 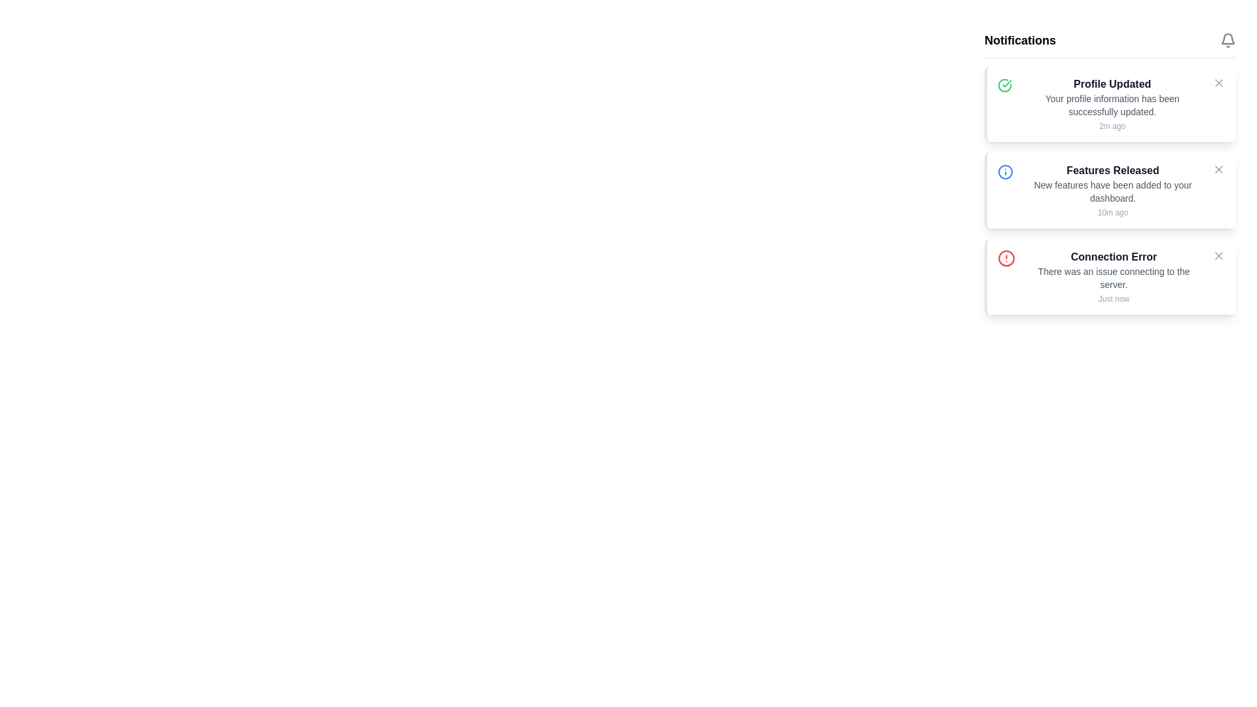 What do you see at coordinates (1228, 39) in the screenshot?
I see `the bell icon to acknowledge it` at bounding box center [1228, 39].